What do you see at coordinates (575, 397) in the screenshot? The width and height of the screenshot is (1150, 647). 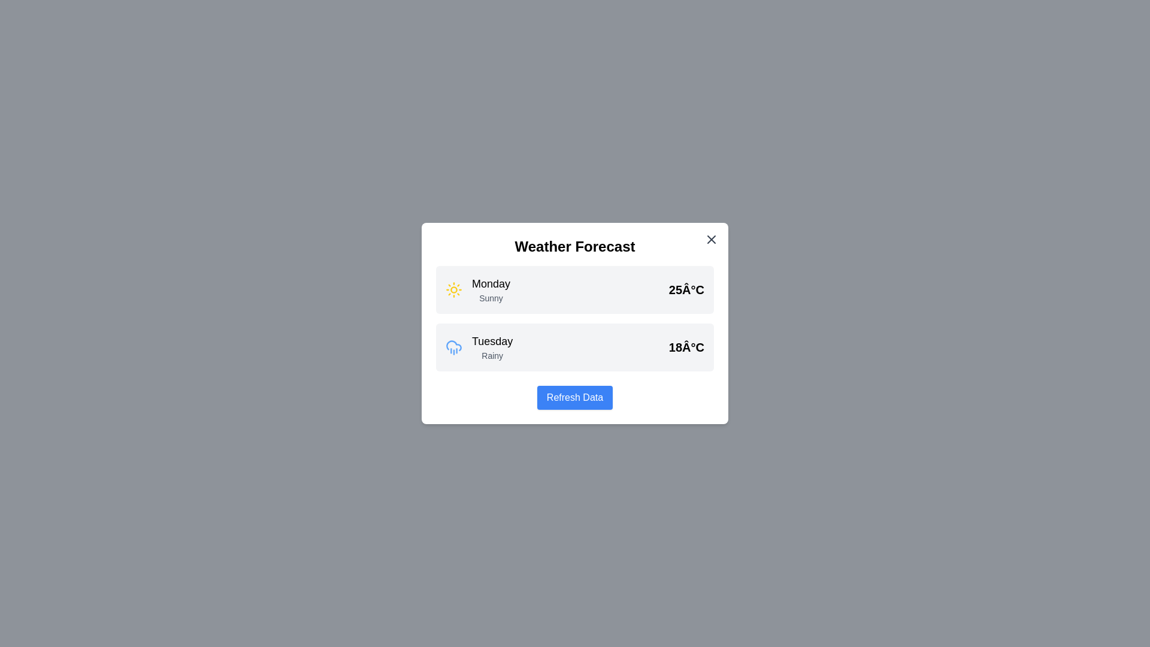 I see `the blue rectangular button labeled 'Refresh Data' located at the bottom-center of the 'Weather Forecast' modal to observe its visual feedback` at bounding box center [575, 397].